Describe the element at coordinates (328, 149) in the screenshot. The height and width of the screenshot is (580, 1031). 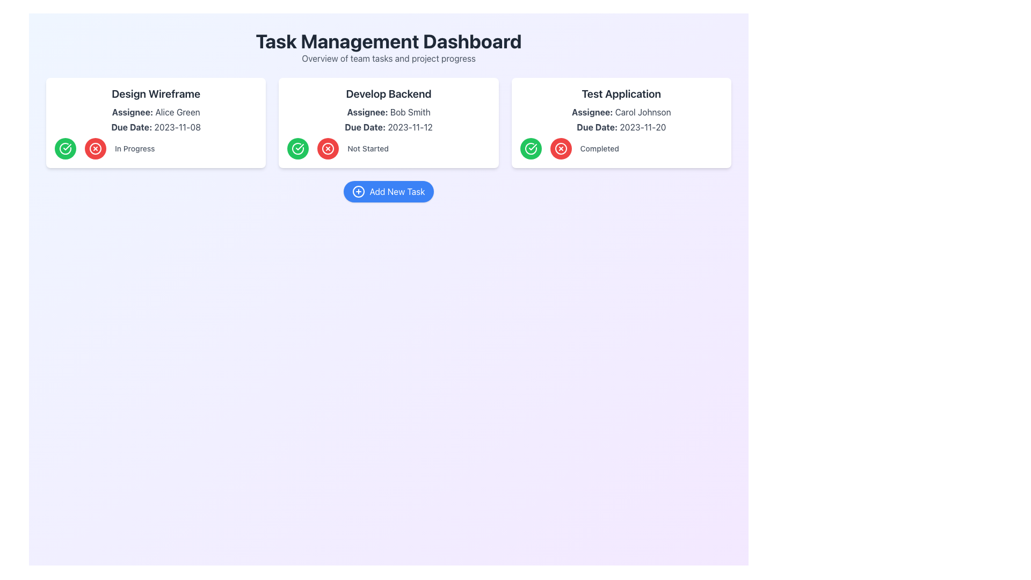
I see `the red circular button with a white 'X' symbol located in the 'Develop Backend' task card` at that location.